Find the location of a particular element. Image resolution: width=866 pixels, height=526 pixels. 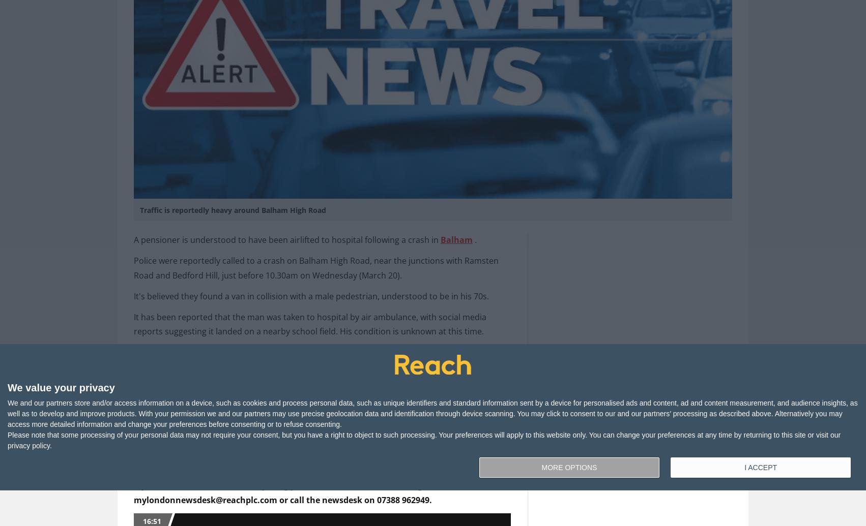

'The A24' is located at coordinates (150, 352).